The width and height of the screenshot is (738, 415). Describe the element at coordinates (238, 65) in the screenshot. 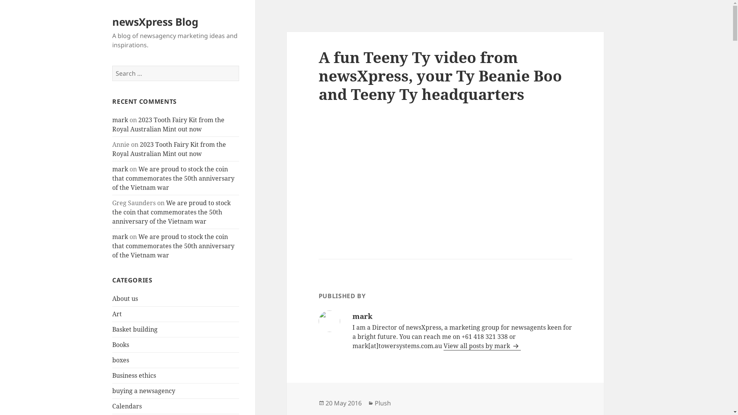

I see `'Search'` at that location.